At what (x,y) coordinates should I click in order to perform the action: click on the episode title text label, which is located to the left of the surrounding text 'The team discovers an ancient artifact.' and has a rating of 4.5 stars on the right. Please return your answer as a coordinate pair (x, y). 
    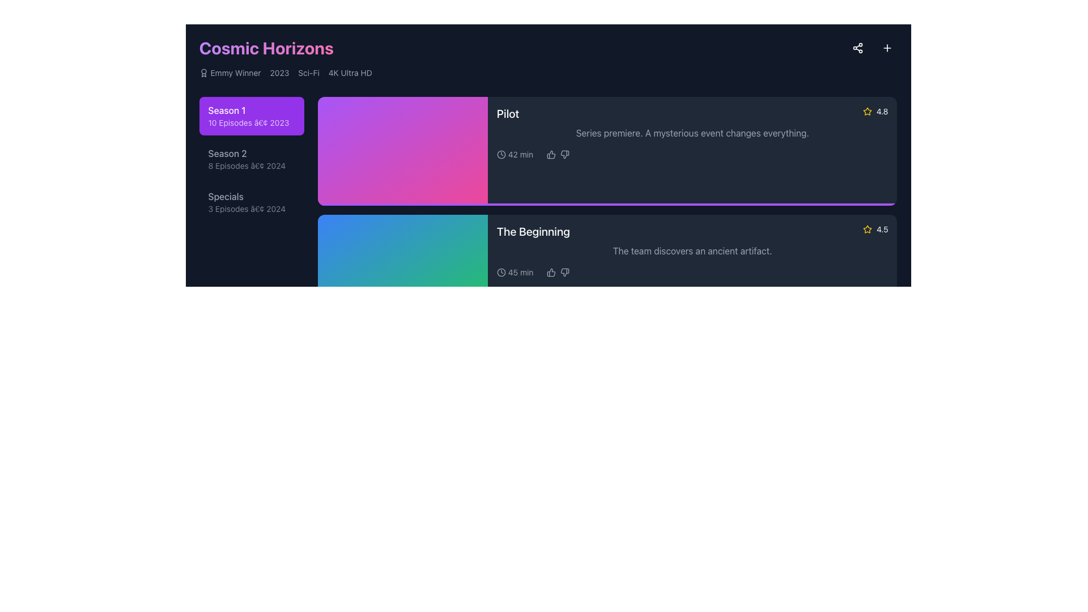
    Looking at the image, I should click on (533, 231).